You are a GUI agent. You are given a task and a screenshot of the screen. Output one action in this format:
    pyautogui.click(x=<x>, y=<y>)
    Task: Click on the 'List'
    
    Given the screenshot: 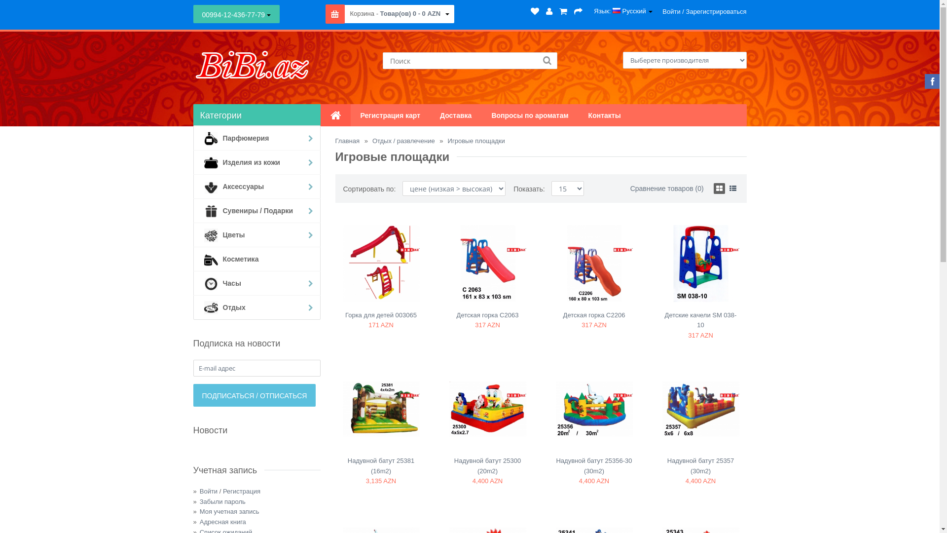 What is the action you would take?
    pyautogui.click(x=733, y=188)
    